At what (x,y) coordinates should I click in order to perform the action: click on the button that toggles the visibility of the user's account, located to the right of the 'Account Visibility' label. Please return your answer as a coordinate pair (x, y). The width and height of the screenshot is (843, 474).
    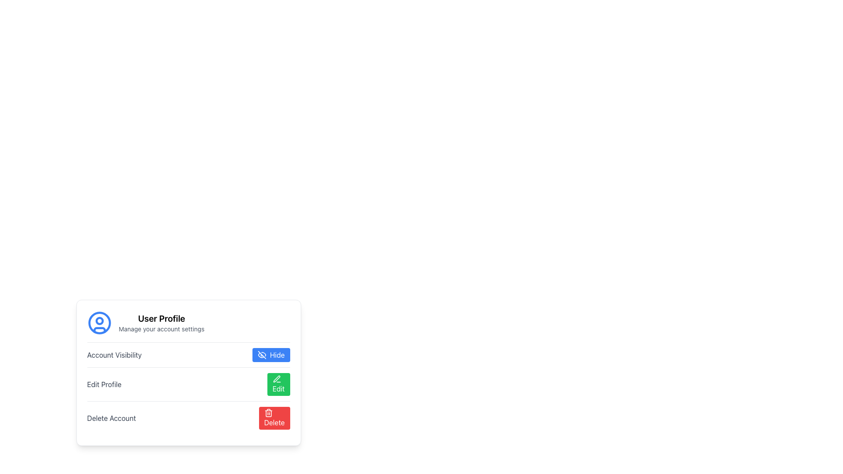
    Looking at the image, I should click on (270, 355).